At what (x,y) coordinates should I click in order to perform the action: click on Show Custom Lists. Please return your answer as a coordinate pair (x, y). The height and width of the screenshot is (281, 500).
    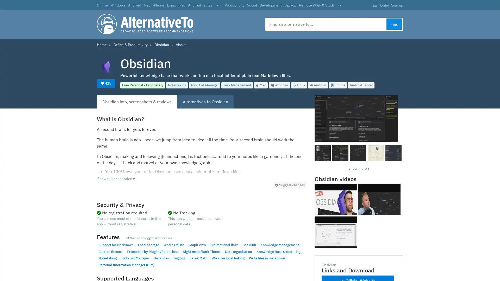
    Looking at the image, I should click on (374, 5).